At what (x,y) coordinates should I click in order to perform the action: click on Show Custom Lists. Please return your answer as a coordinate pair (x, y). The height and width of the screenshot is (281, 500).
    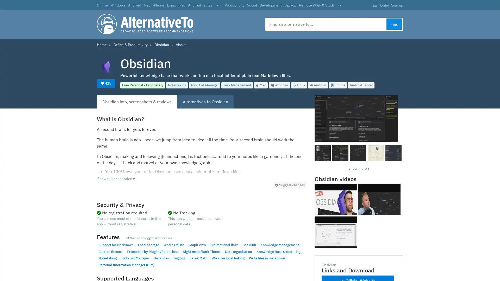
    Looking at the image, I should click on (374, 5).